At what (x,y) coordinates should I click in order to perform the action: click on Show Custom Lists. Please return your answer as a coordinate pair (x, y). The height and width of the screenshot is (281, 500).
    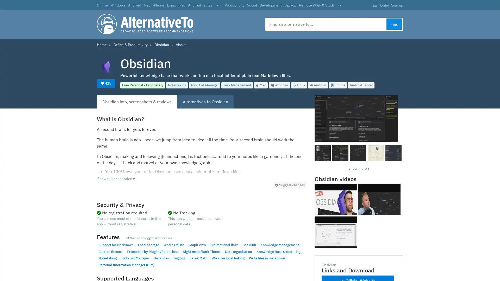
    Looking at the image, I should click on (374, 5).